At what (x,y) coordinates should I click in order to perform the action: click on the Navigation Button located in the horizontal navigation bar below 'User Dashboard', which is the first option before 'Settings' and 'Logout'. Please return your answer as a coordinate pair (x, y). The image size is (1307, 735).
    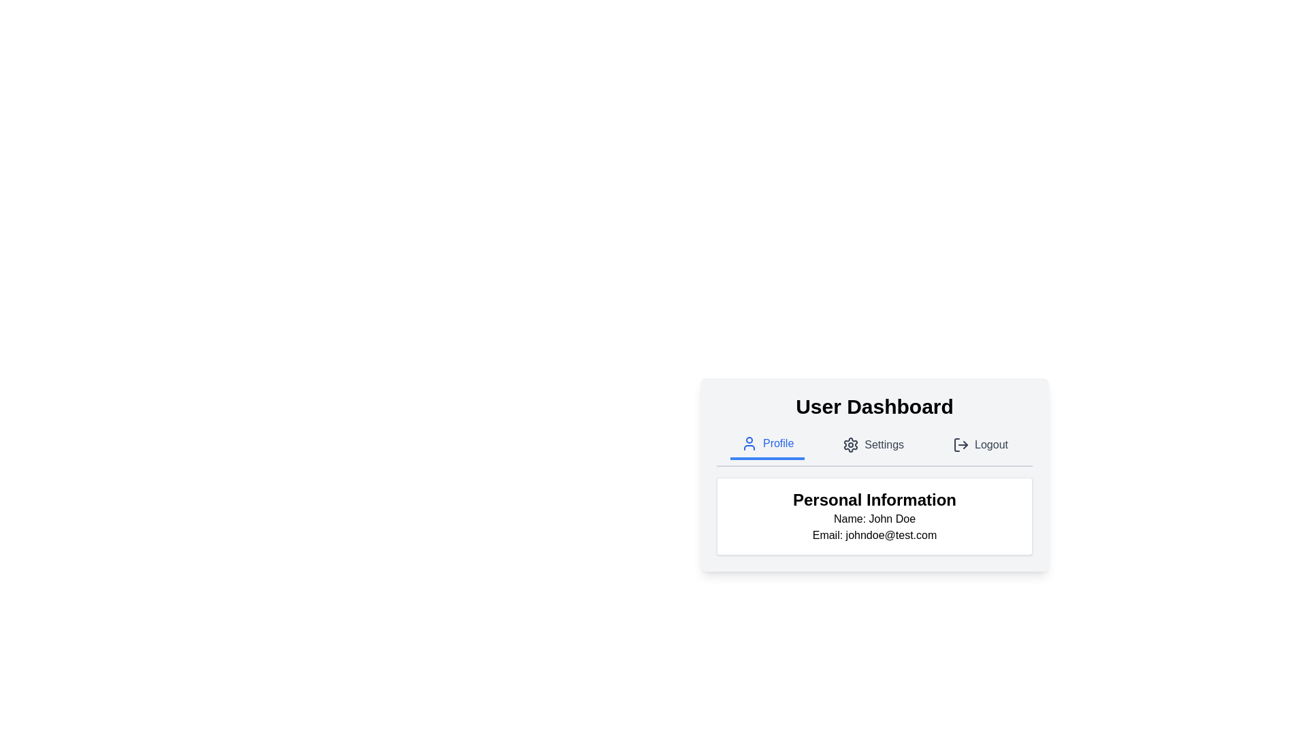
    Looking at the image, I should click on (767, 445).